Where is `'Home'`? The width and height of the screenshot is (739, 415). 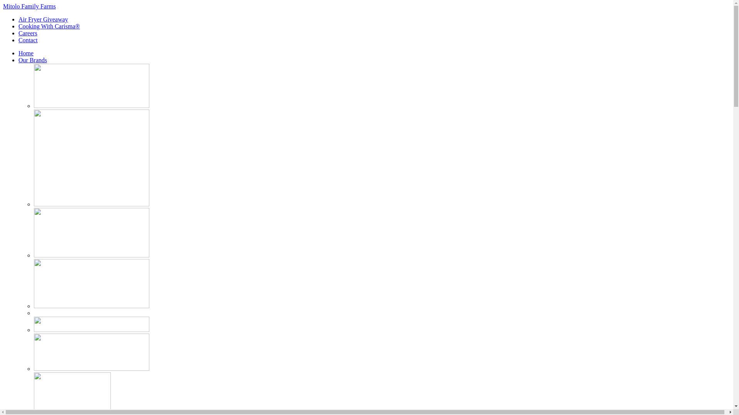 'Home' is located at coordinates (26, 53).